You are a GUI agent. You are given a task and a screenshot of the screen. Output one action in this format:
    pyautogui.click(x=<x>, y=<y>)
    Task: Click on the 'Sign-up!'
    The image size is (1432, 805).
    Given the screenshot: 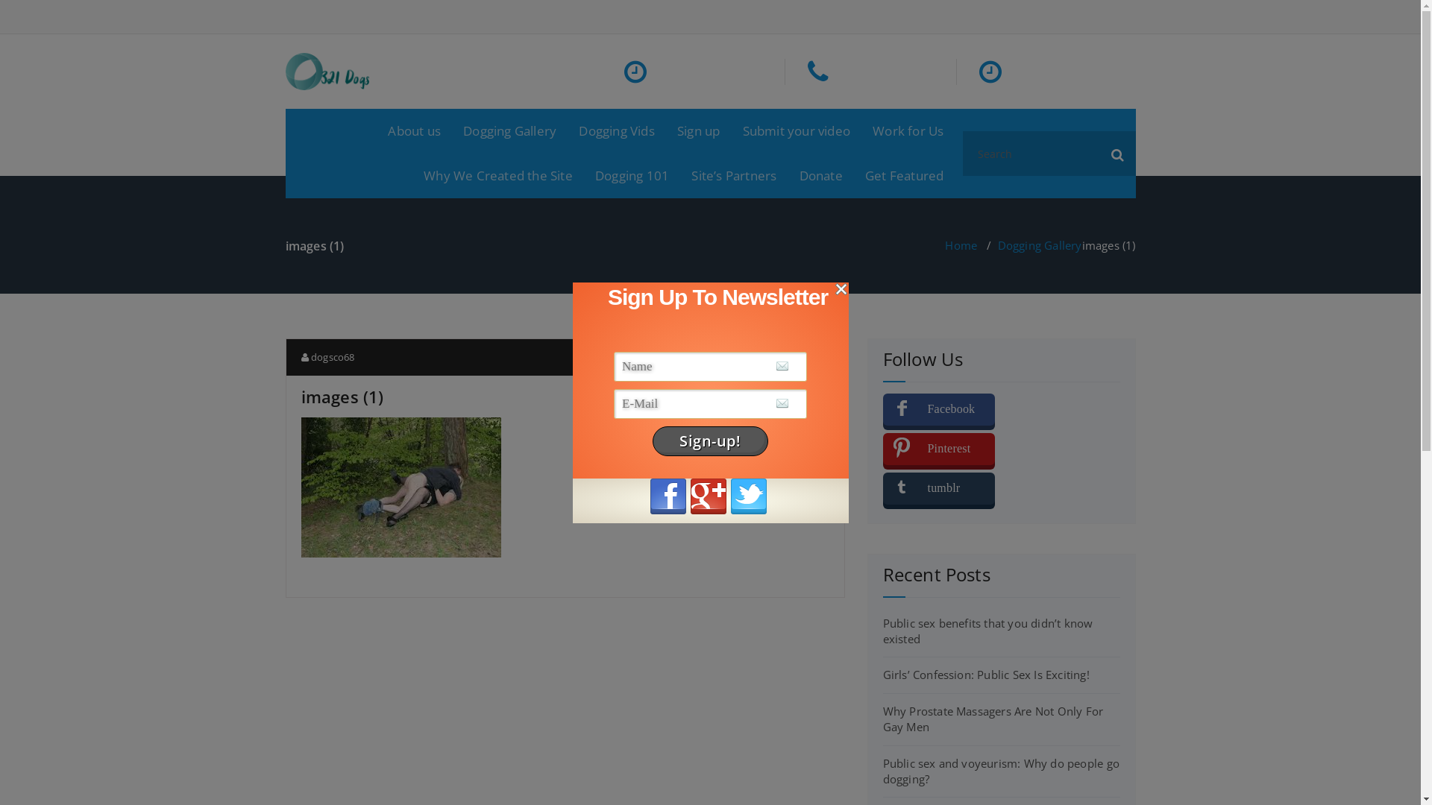 What is the action you would take?
    pyautogui.click(x=709, y=440)
    